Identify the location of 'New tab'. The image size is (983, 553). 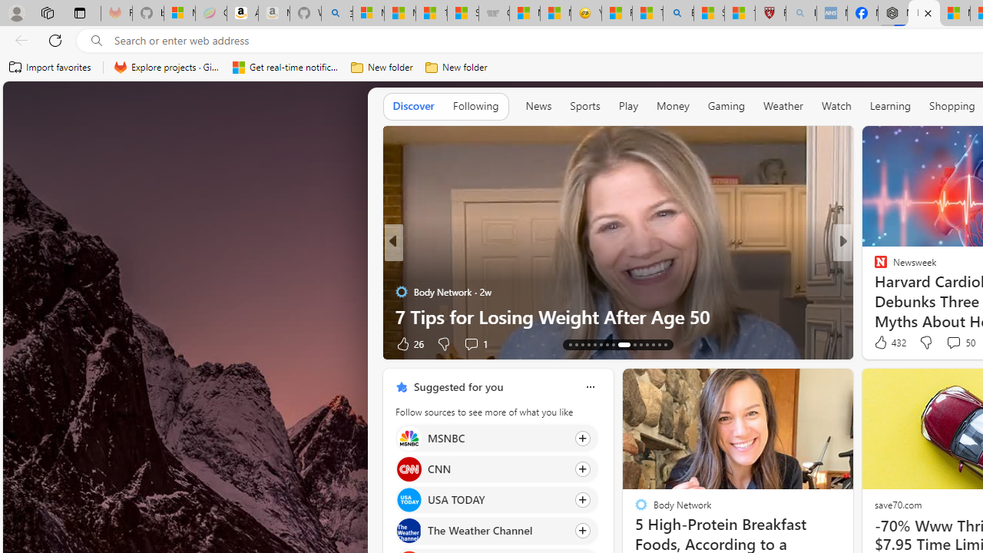
(923, 13).